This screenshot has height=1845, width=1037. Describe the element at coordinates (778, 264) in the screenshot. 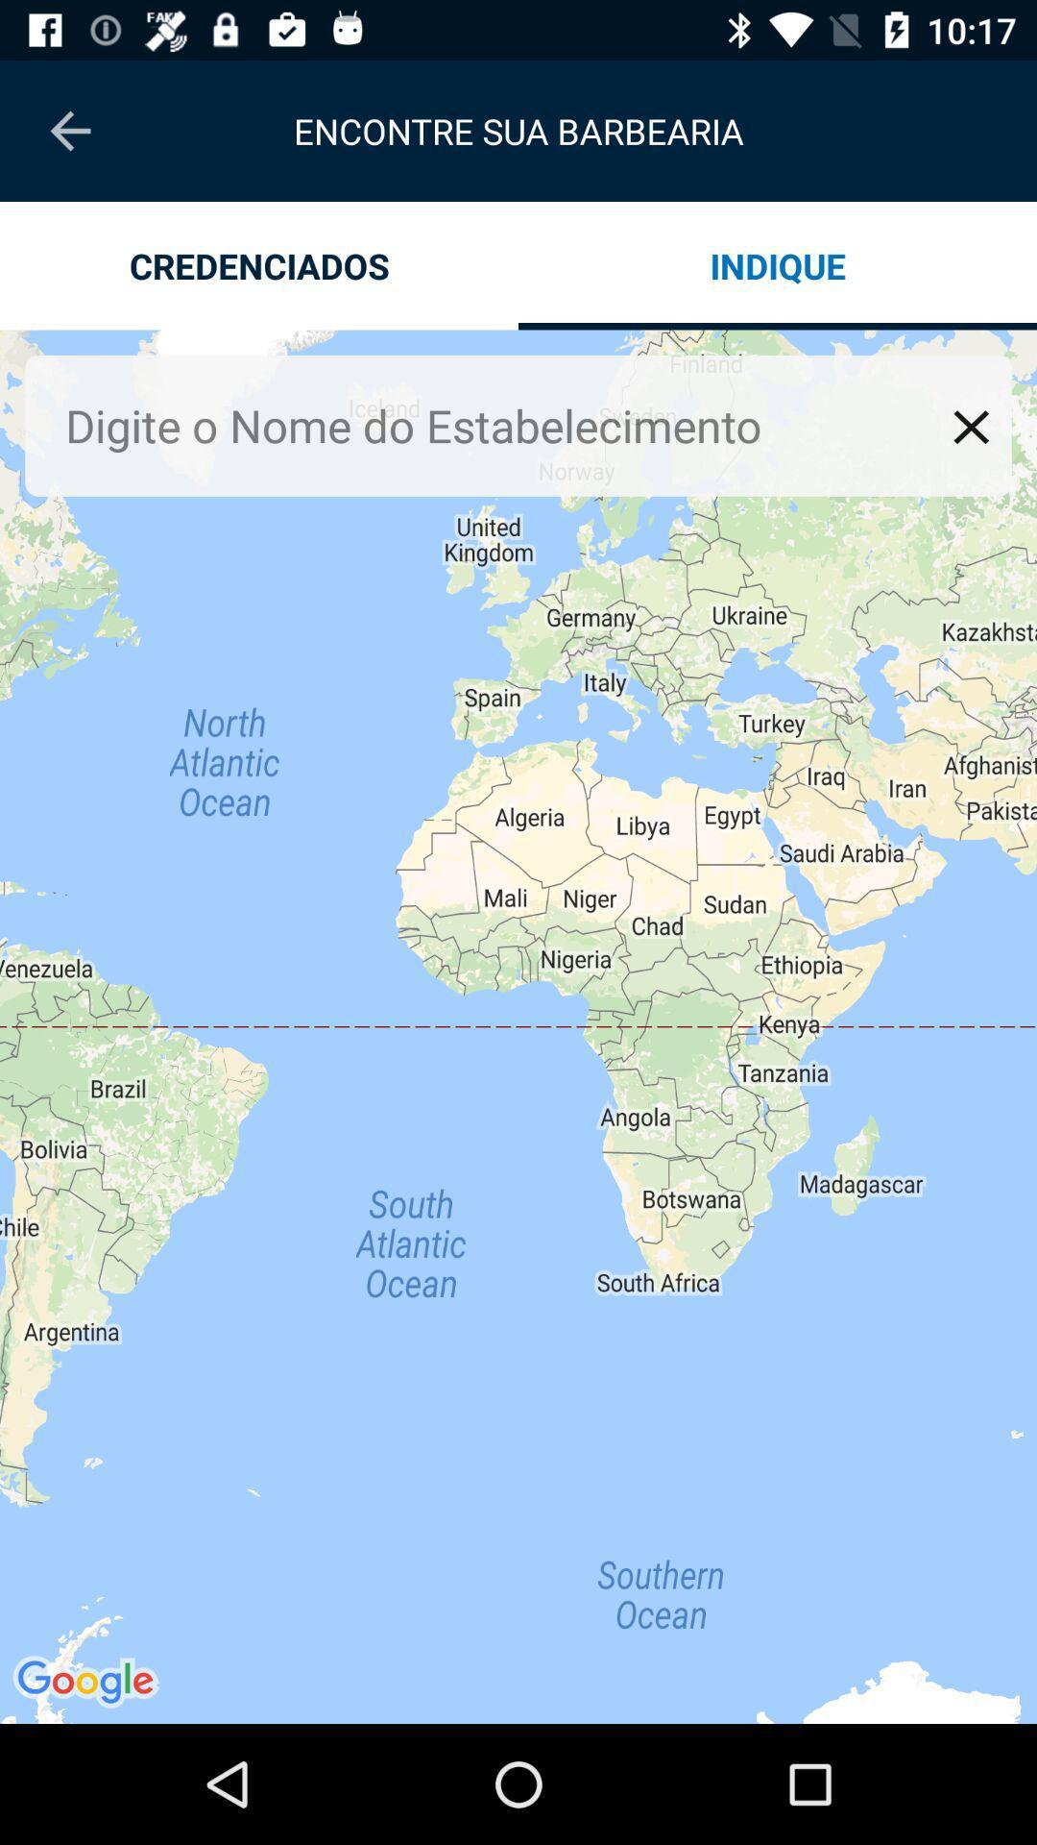

I see `the icon to the right of the credenciados icon` at that location.